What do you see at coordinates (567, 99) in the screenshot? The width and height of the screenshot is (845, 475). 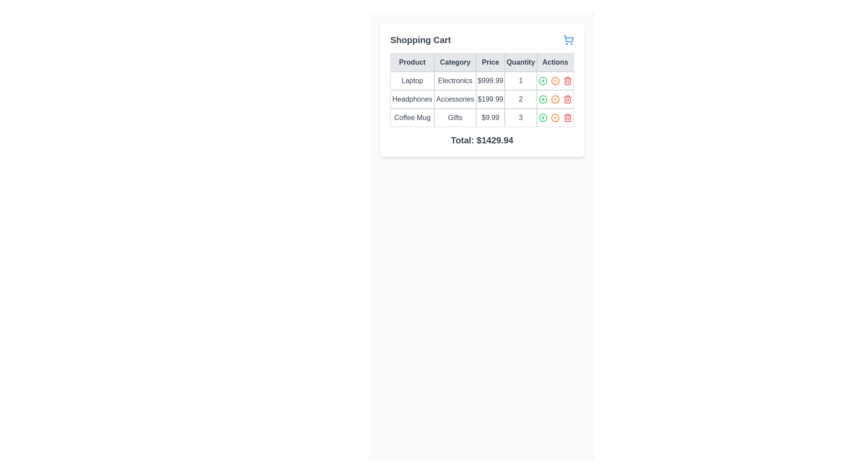 I see `the trash icon component in the 'Actions' column for the second item, 'Headphones,' in the shopping cart` at bounding box center [567, 99].